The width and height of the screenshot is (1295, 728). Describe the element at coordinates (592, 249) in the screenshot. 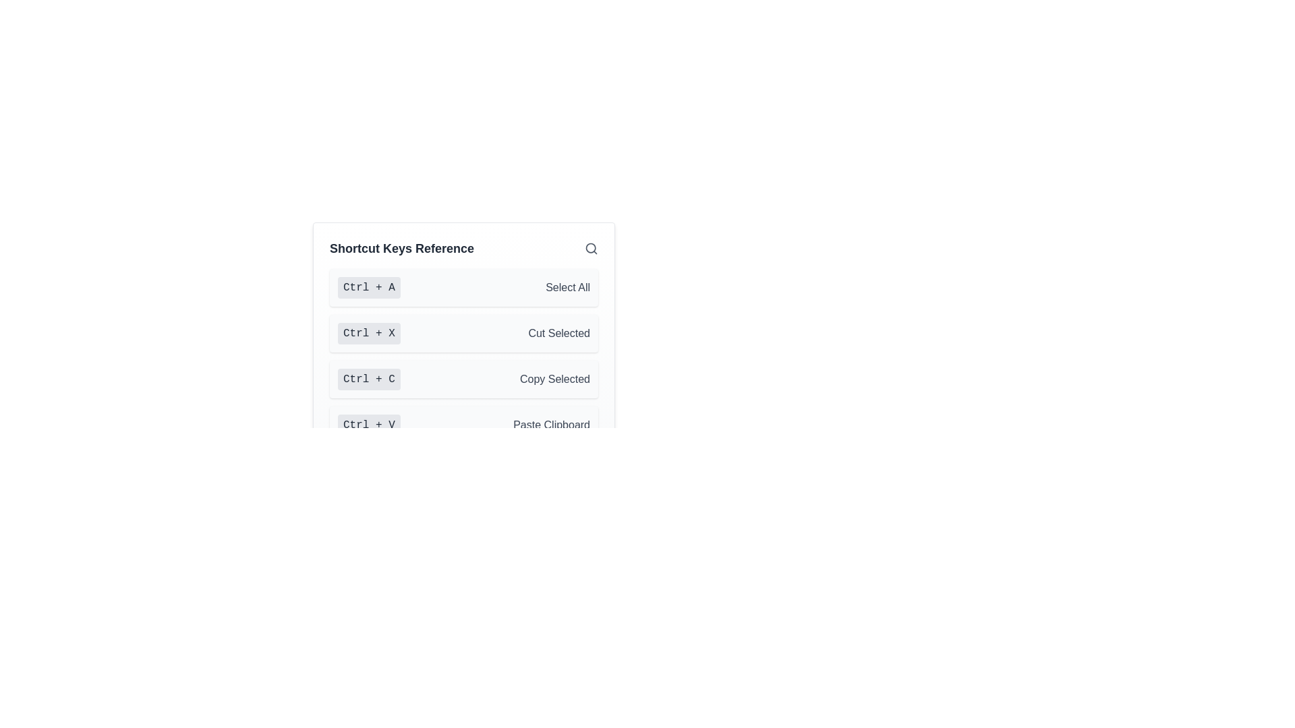

I see `the gray magnifying glass icon located in the upper-right corner of the 'Shortcut Keys Reference' section` at that location.